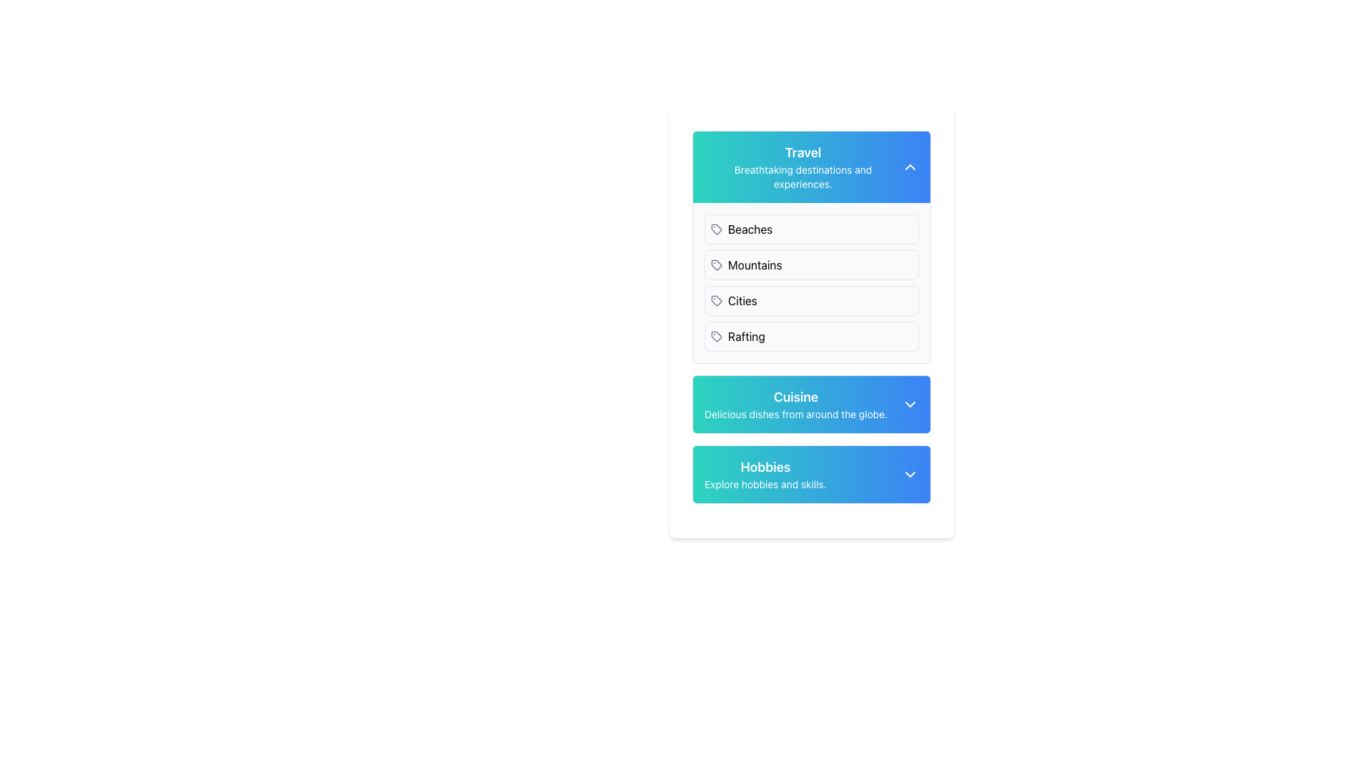 This screenshot has height=772, width=1372. I want to click on the Text Label that displays 'Hobbies' in a larger bold font and 'Explore hobbies and skills' in a smaller font, located below the 'Cuisine' section and above an arrow icon, so click(765, 474).